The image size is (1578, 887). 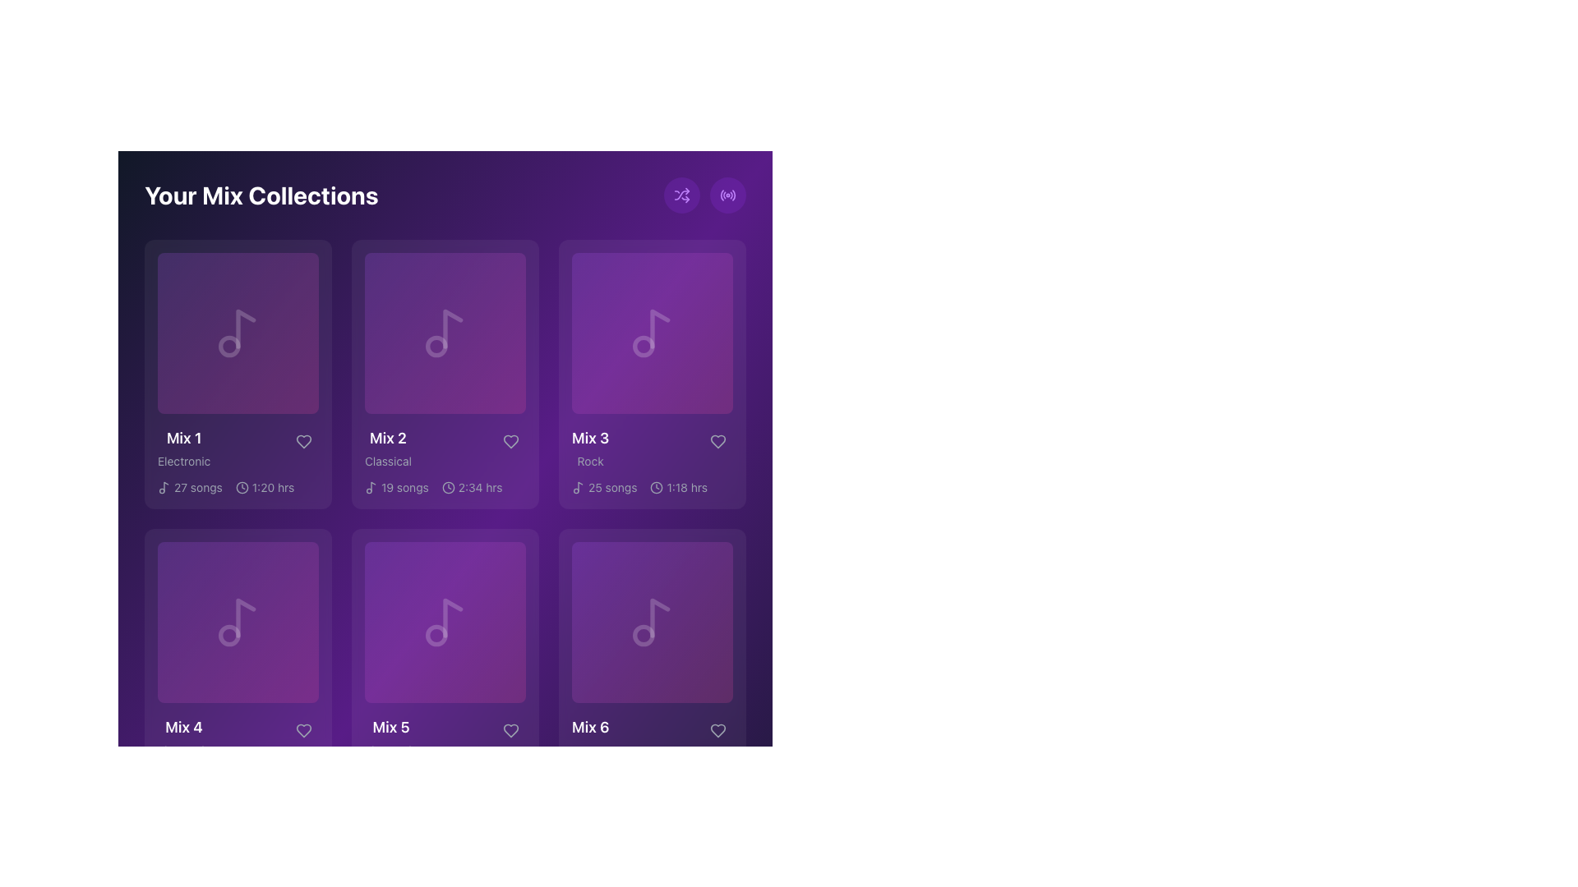 What do you see at coordinates (273, 487) in the screenshot?
I see `text label displaying '1:20 hrs' located within the 'Mix 1' card, positioned below the title and the number of songs label, to the right of a clock icon` at bounding box center [273, 487].